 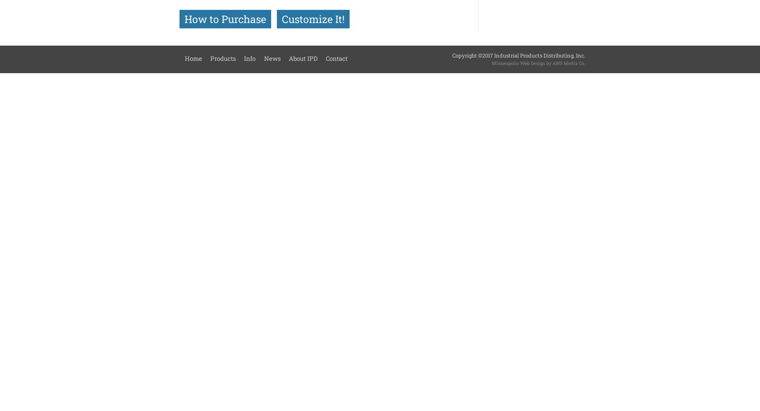 I want to click on 'Customize It!', so click(x=313, y=18).